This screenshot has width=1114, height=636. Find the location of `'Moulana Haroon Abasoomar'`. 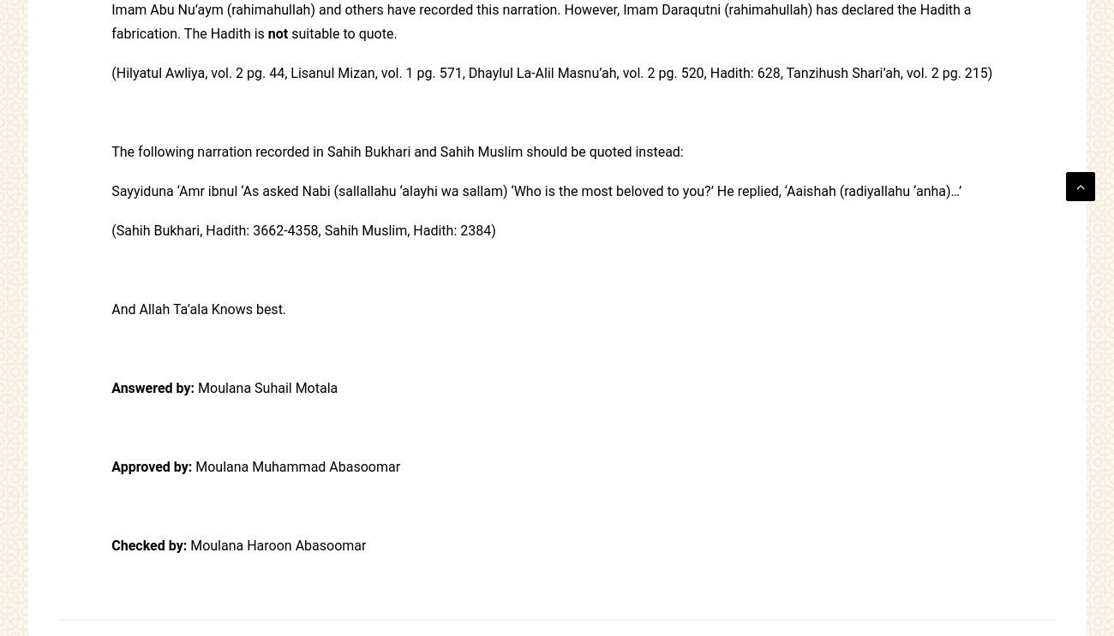

'Moulana Haroon Abasoomar' is located at coordinates (276, 546).